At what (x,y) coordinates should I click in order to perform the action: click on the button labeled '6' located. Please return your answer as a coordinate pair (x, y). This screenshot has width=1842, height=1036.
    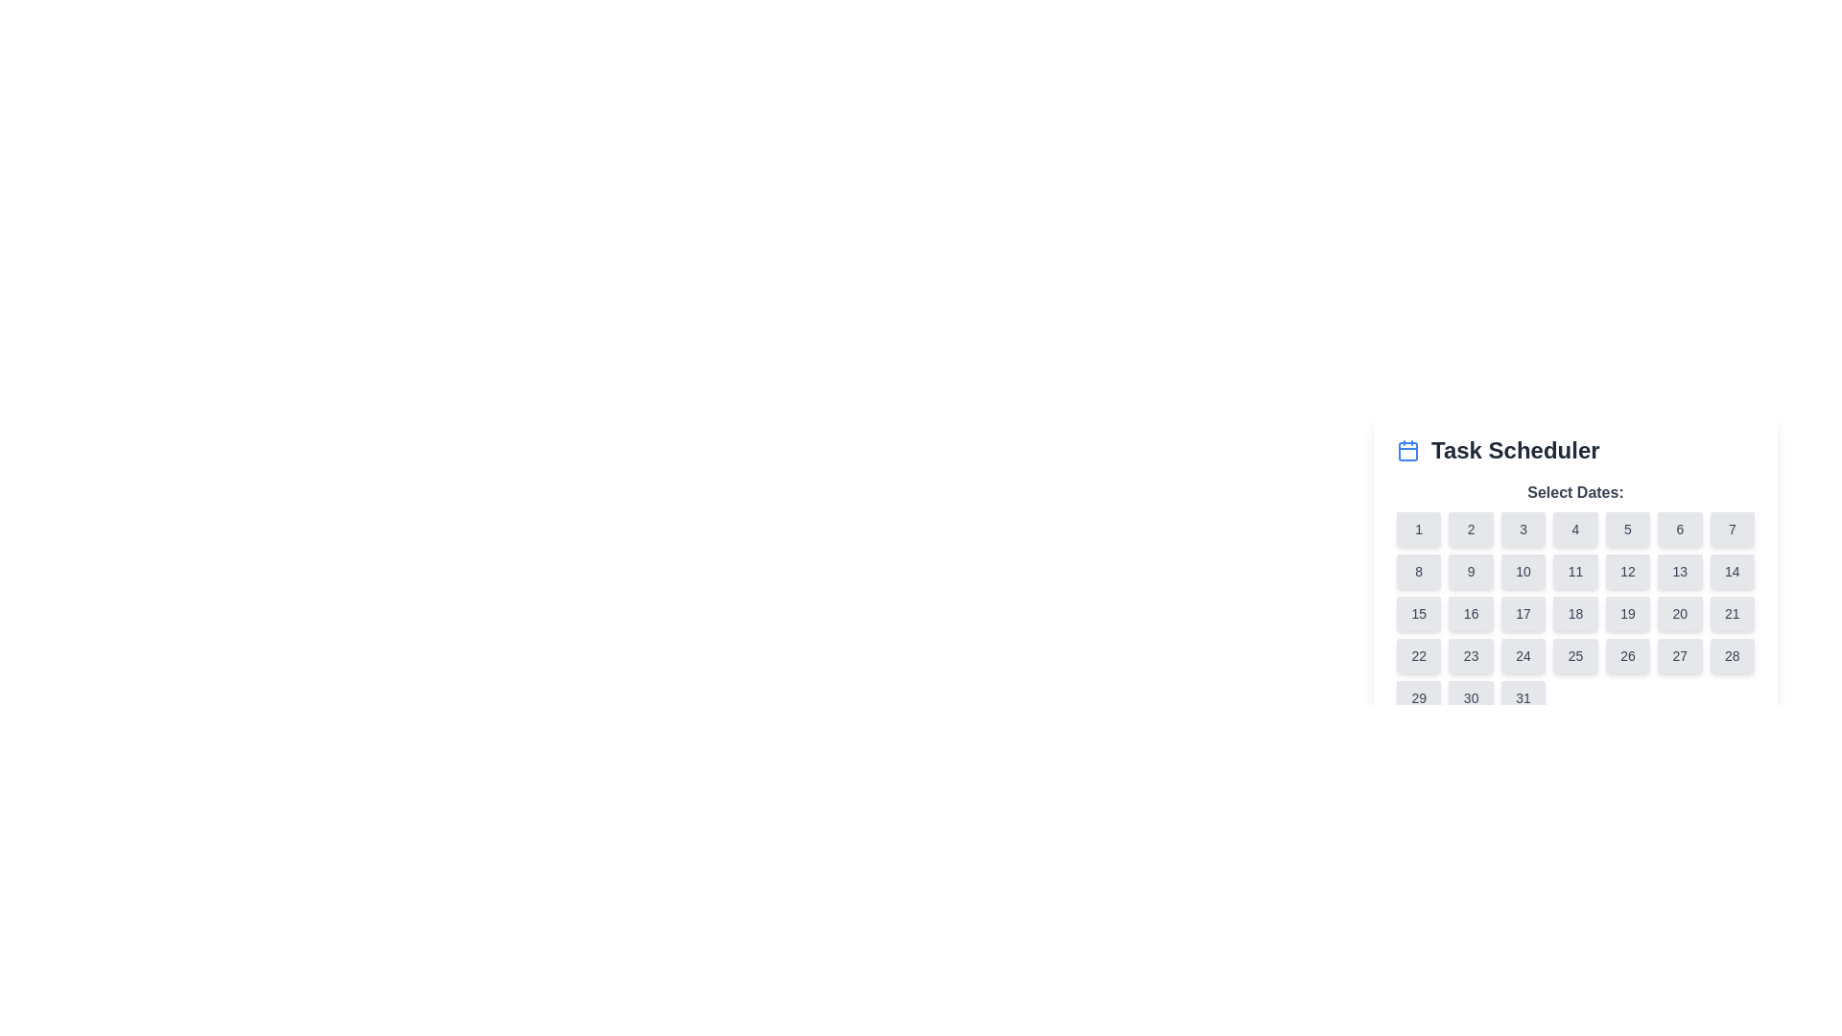
    Looking at the image, I should click on (1679, 529).